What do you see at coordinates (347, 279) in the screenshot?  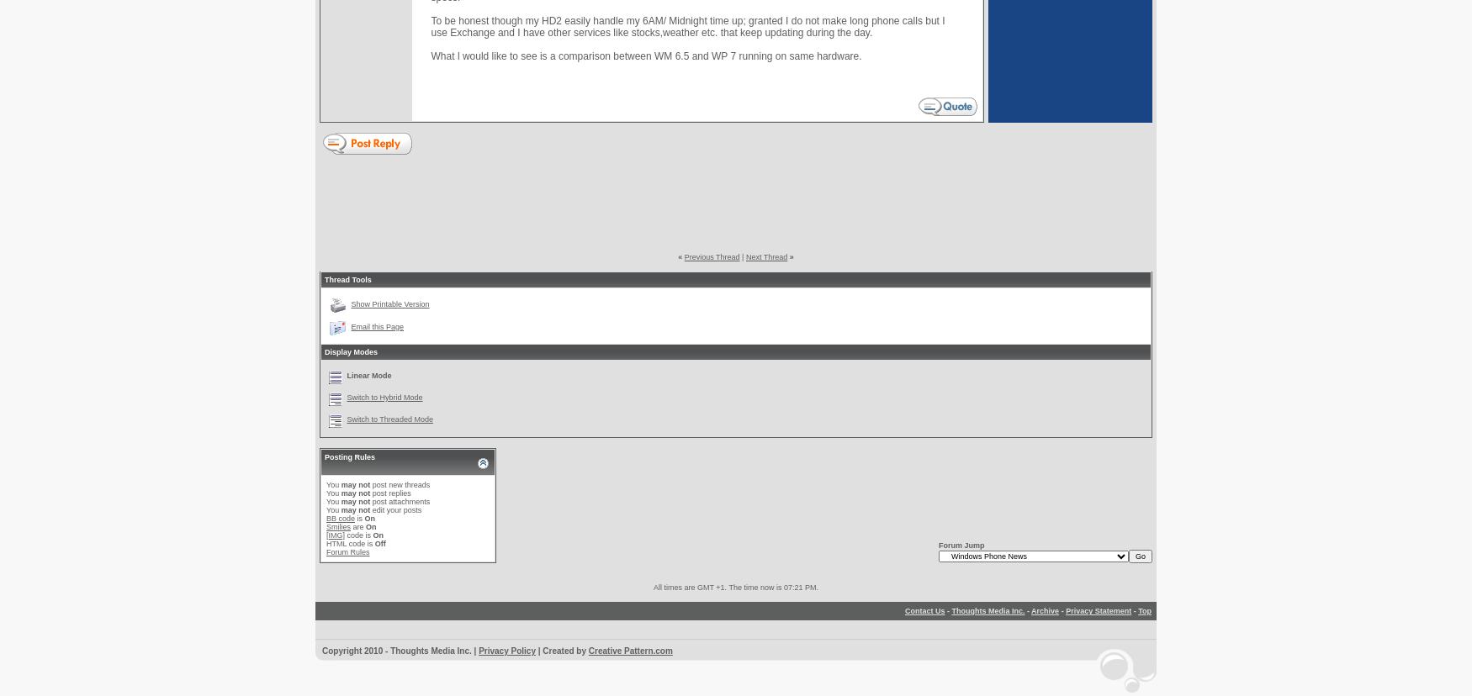 I see `'Thread Tools'` at bounding box center [347, 279].